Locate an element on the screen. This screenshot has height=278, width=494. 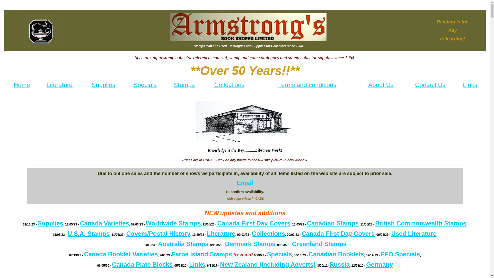
'Links' is located at coordinates (189, 264).